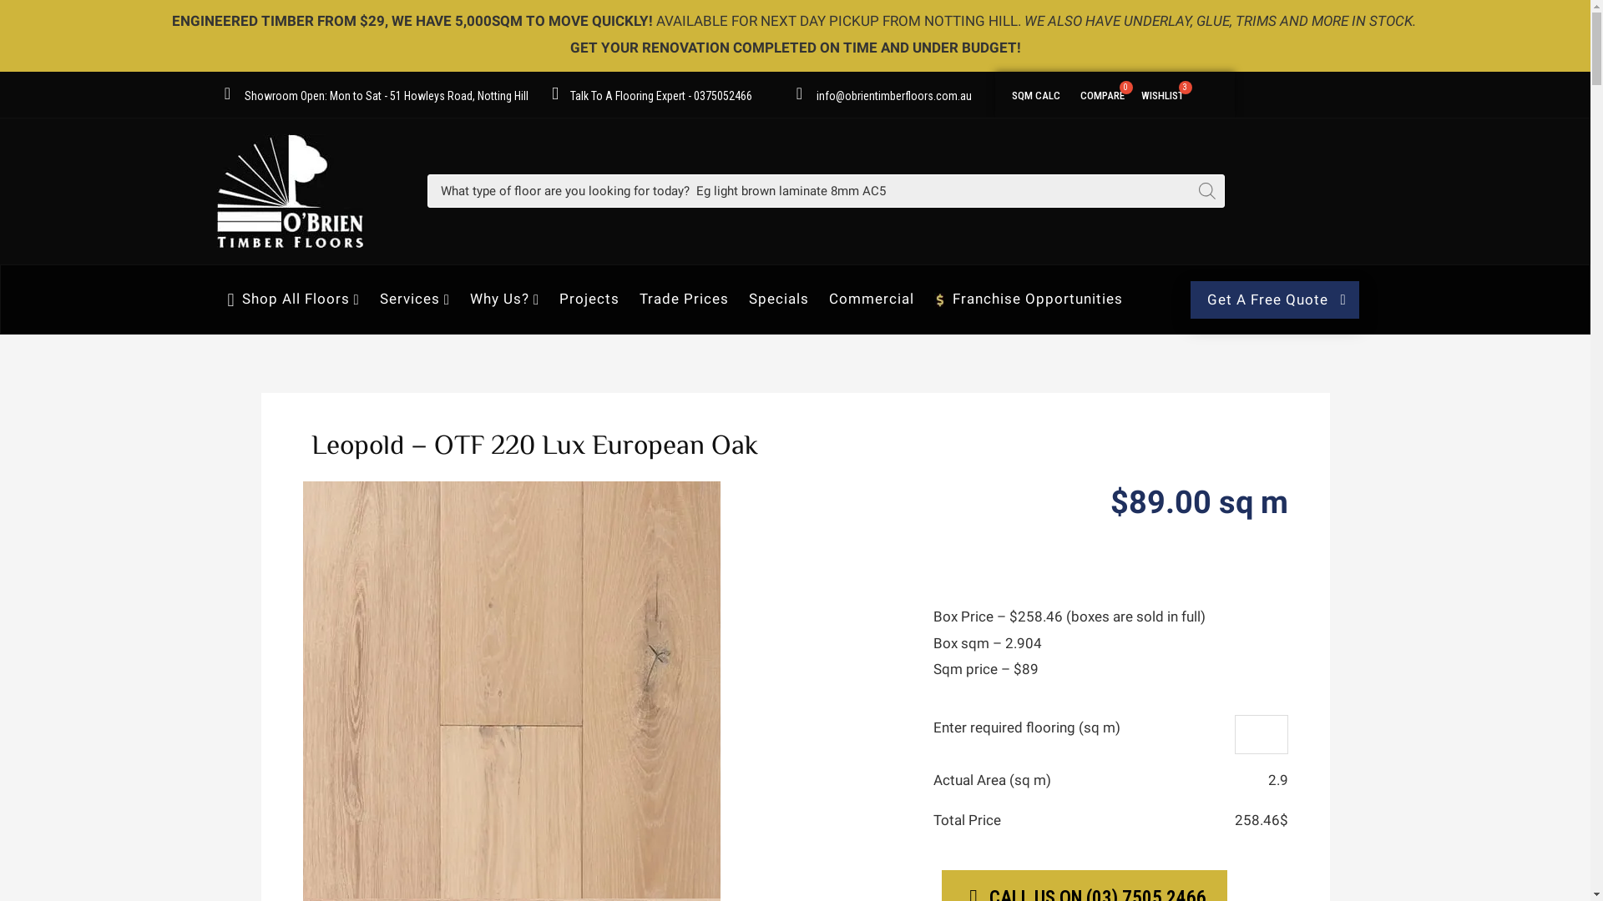  What do you see at coordinates (1028, 298) in the screenshot?
I see `'Franchise Opportunities'` at bounding box center [1028, 298].